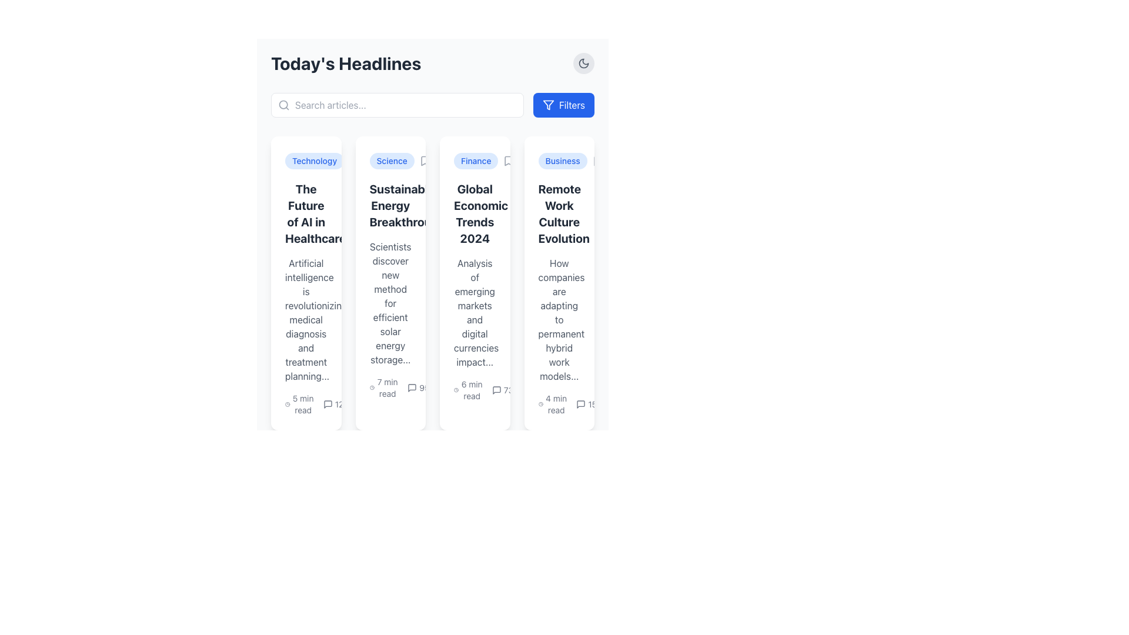  Describe the element at coordinates (553, 390) in the screenshot. I see `the thumbs-up icon representing a 'like' or 'approve' action within the 'Remote Work Culture Evolution' section of the application` at that location.